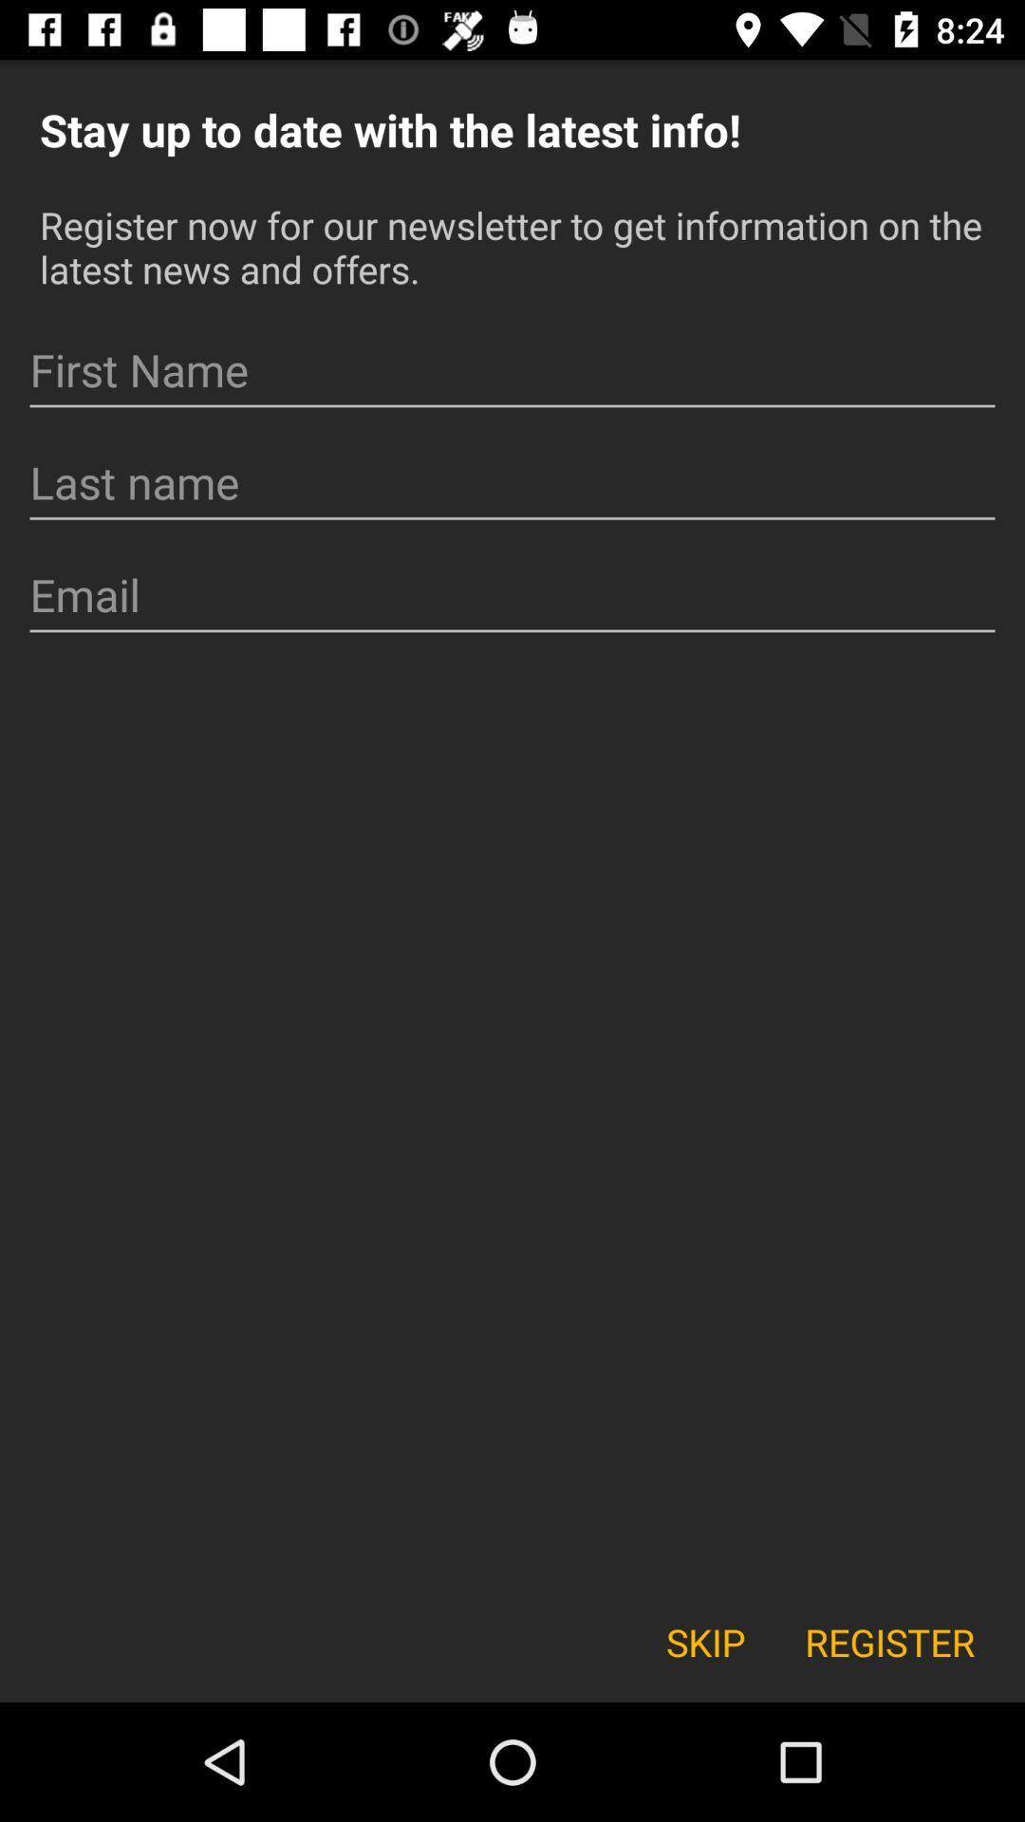 The height and width of the screenshot is (1822, 1025). What do you see at coordinates (512, 594) in the screenshot?
I see `email field` at bounding box center [512, 594].